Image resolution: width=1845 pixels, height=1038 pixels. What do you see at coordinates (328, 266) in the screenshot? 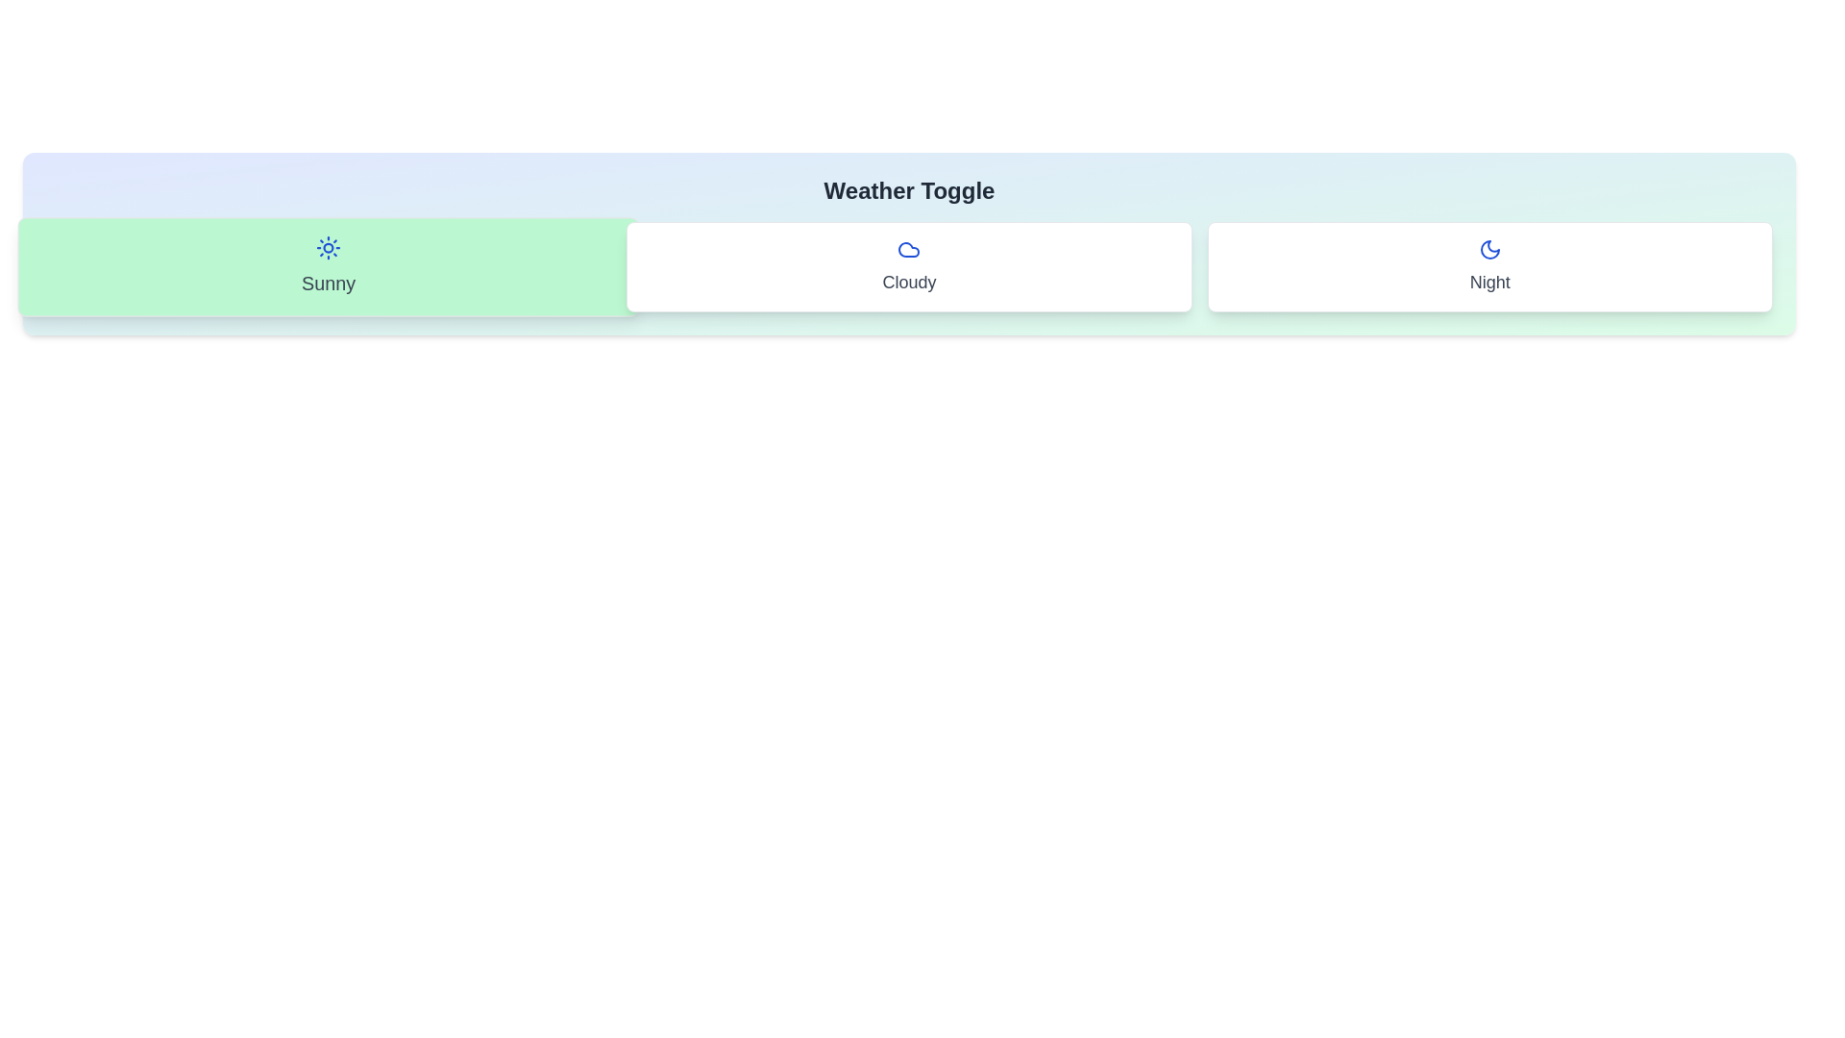
I see `the 'Sunny' button to toggle its state` at bounding box center [328, 266].